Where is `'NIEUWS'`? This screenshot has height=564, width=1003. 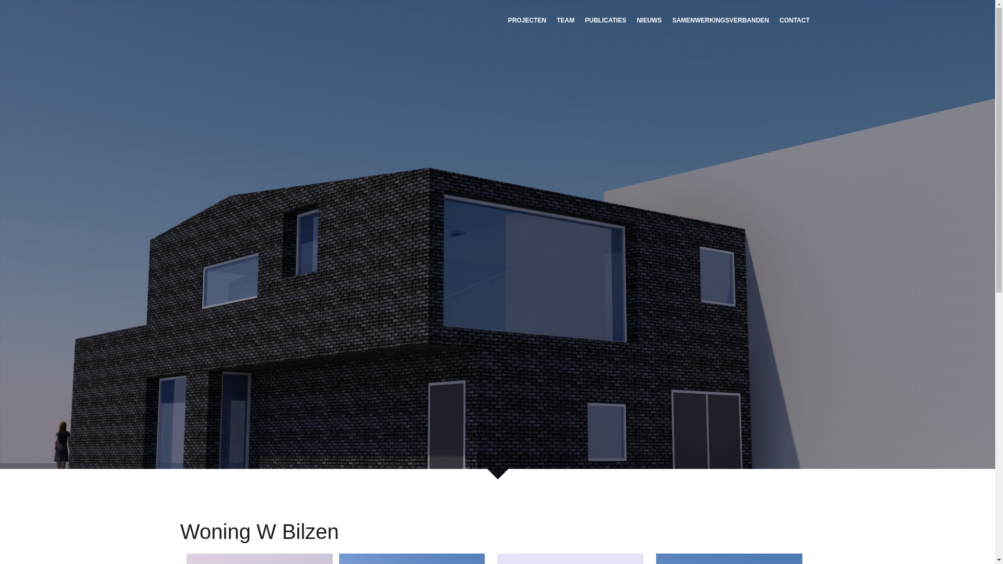
'NIEUWS' is located at coordinates (631, 19).